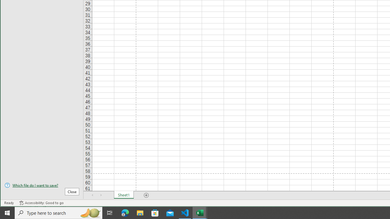  I want to click on 'Microsoft Store', so click(155, 212).